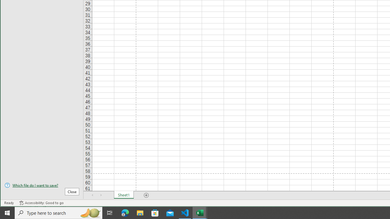  I want to click on 'Microsoft Store', so click(155, 212).